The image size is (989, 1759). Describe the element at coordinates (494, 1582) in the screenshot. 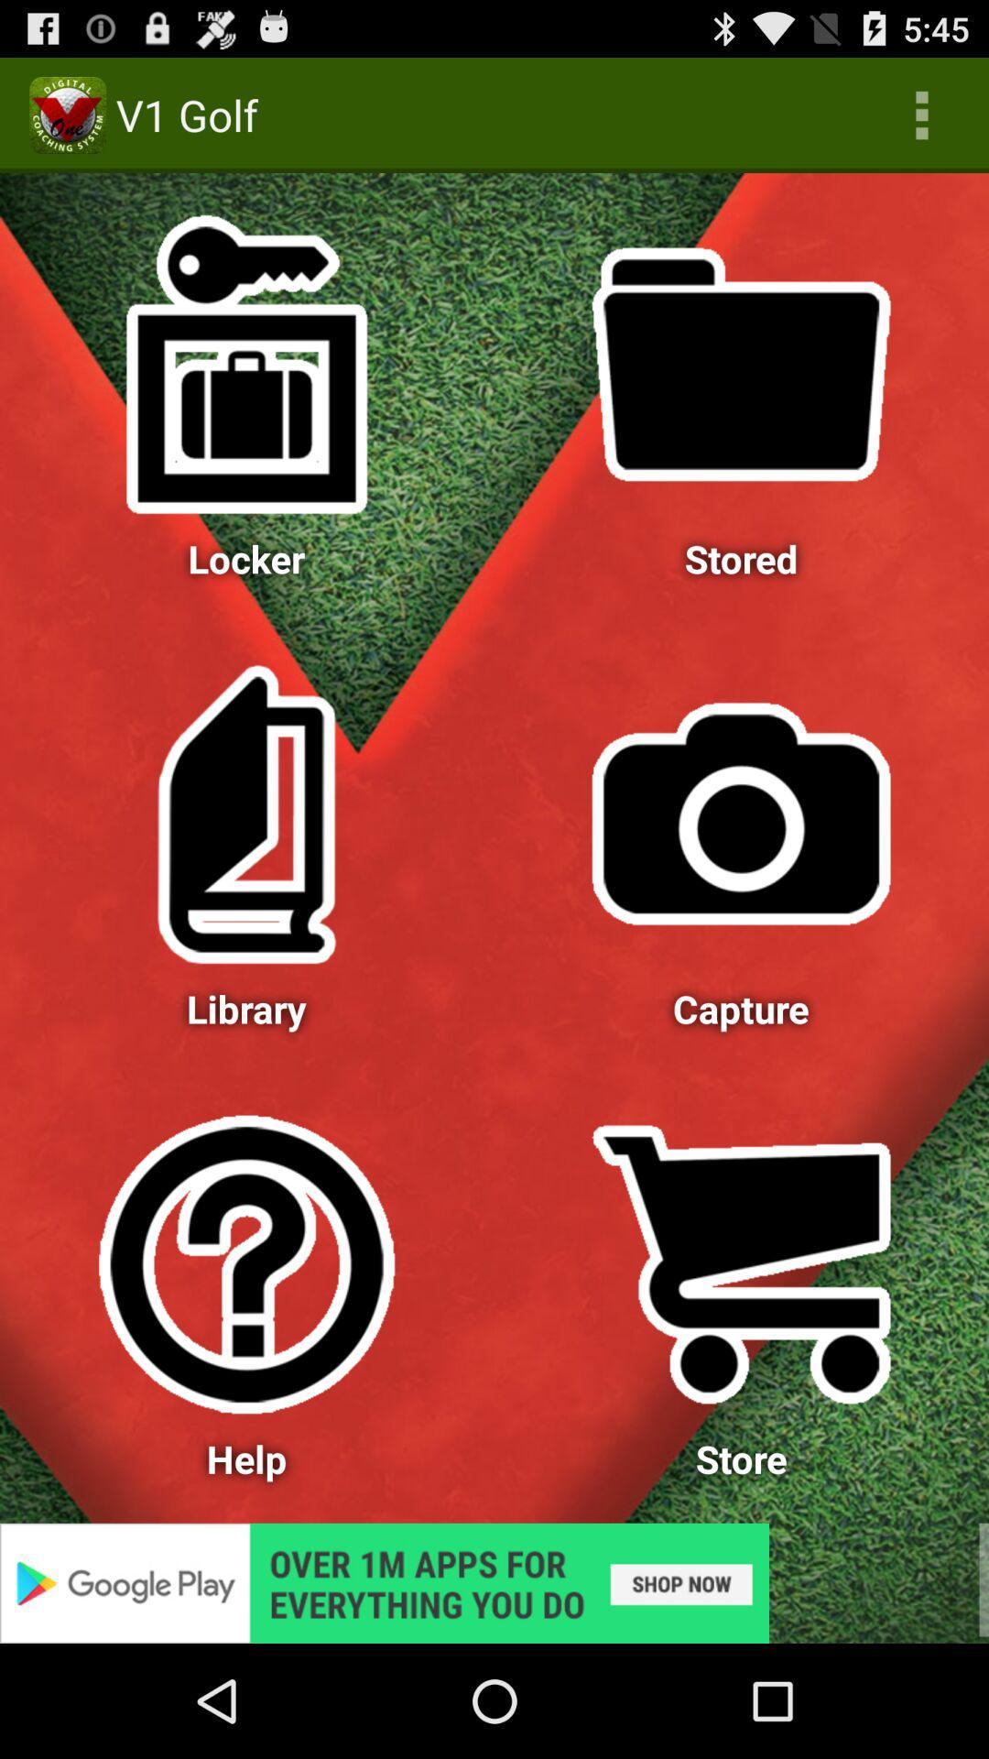

I see `advertisement 's page` at that location.